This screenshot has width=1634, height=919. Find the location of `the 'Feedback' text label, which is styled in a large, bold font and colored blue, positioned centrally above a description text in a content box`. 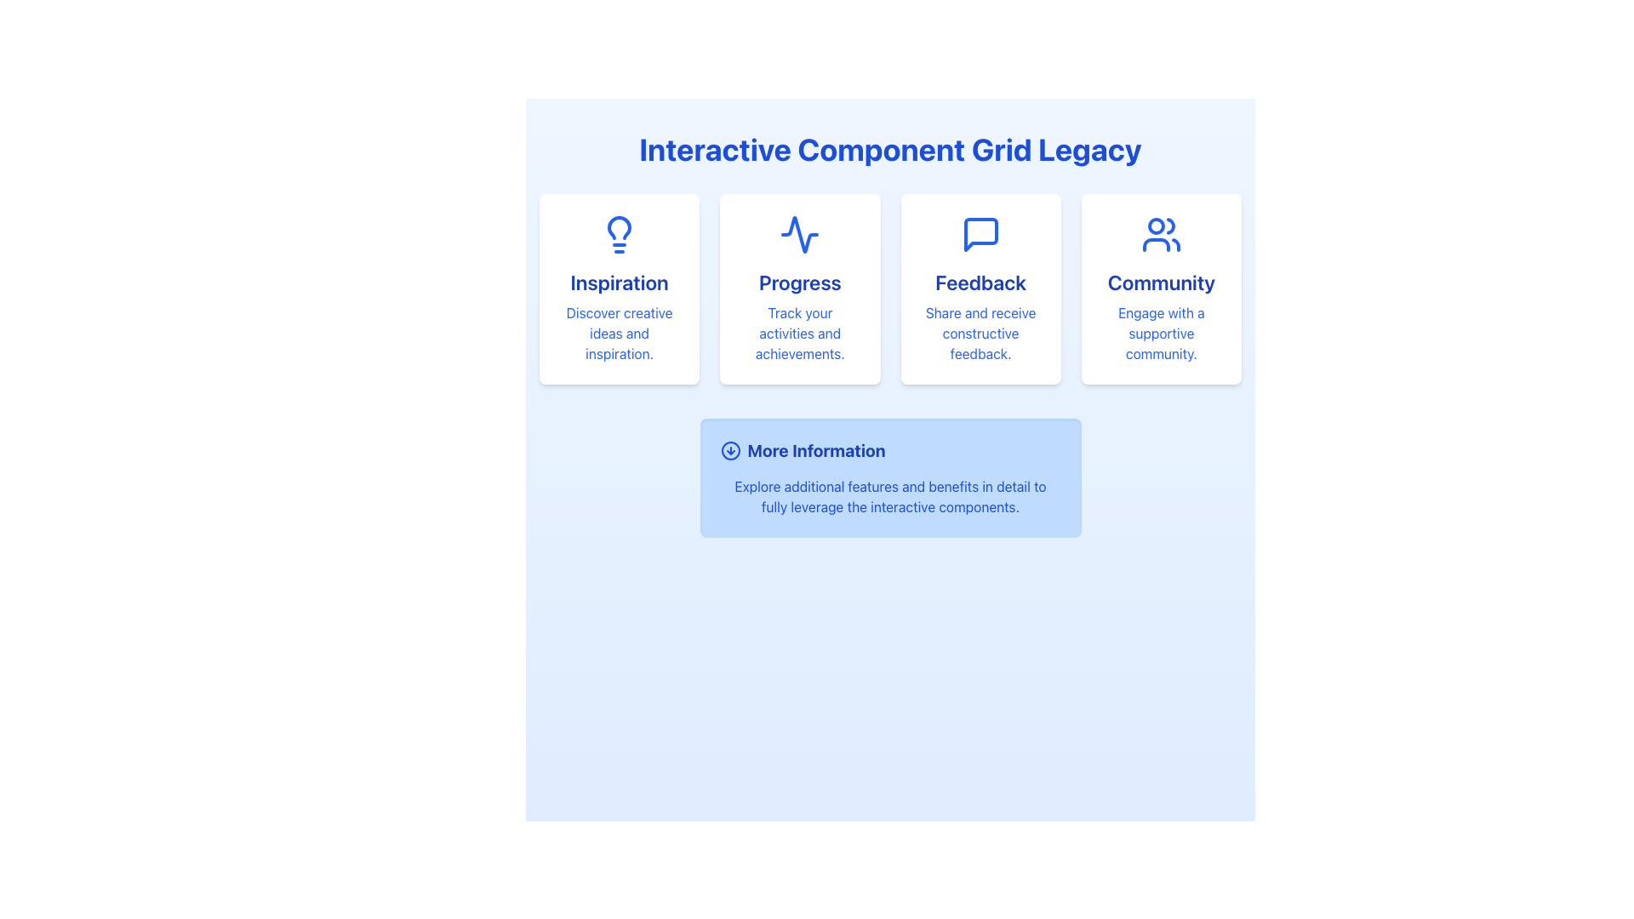

the 'Feedback' text label, which is styled in a large, bold font and colored blue, positioned centrally above a description text in a content box is located at coordinates (980, 281).